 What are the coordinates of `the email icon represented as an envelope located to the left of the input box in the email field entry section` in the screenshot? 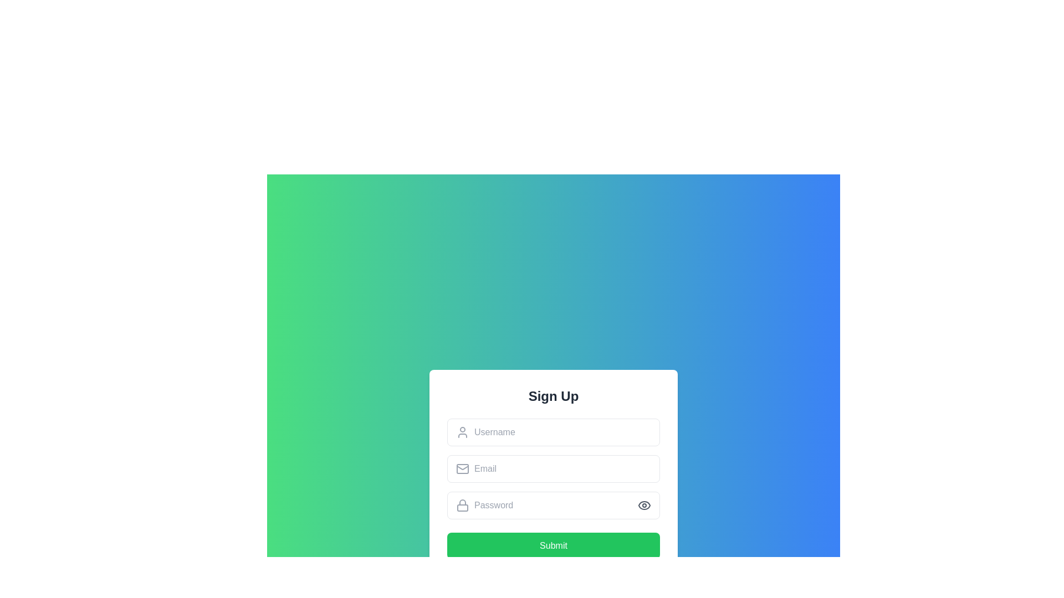 It's located at (463, 469).